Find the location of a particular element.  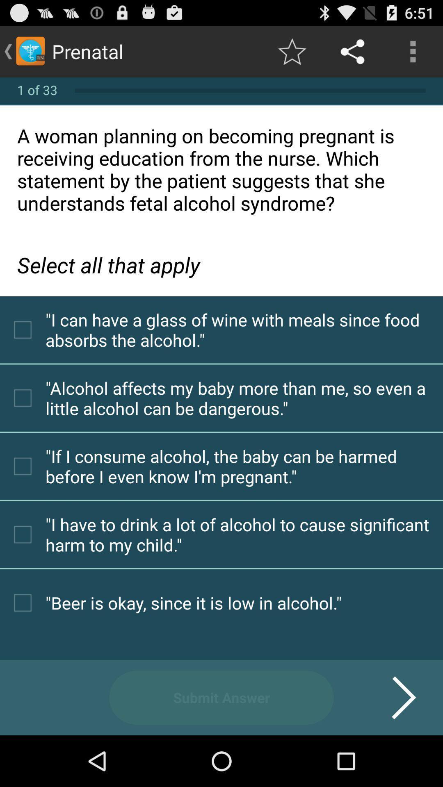

the arrow_forward icon is located at coordinates (393, 746).